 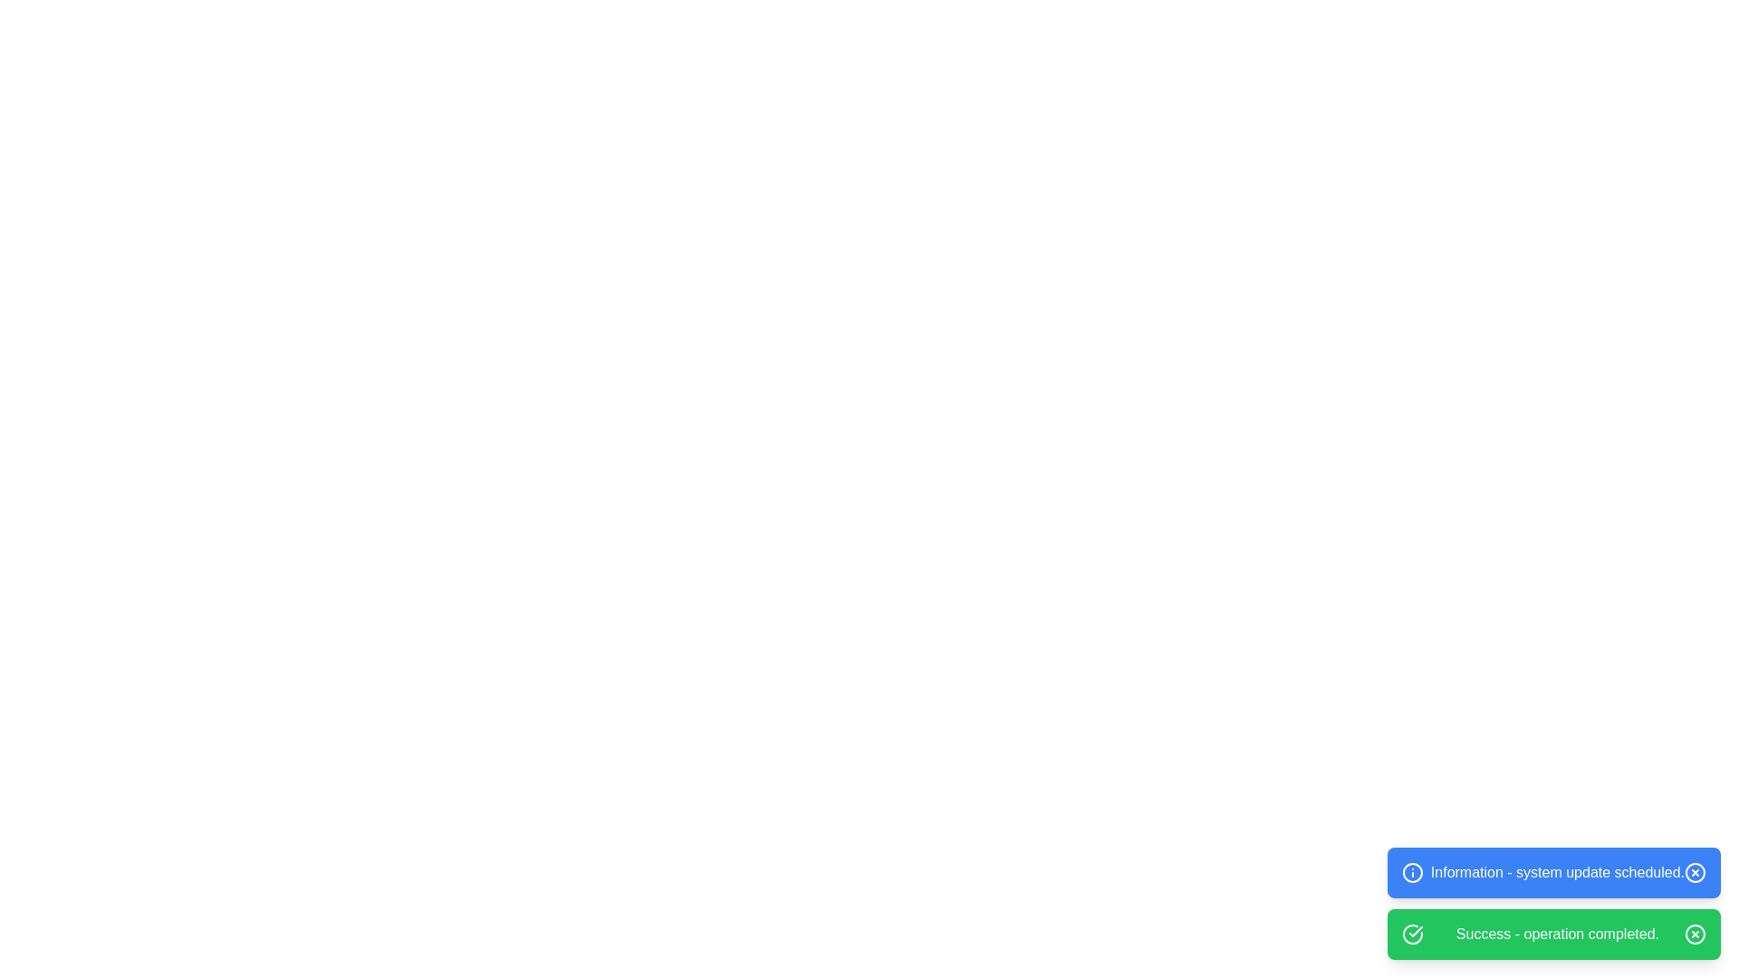 What do you see at coordinates (1556, 872) in the screenshot?
I see `the Text Label displaying 'Information - system update scheduled.' which is located within a blue notification card at the top of the notification items` at bounding box center [1556, 872].